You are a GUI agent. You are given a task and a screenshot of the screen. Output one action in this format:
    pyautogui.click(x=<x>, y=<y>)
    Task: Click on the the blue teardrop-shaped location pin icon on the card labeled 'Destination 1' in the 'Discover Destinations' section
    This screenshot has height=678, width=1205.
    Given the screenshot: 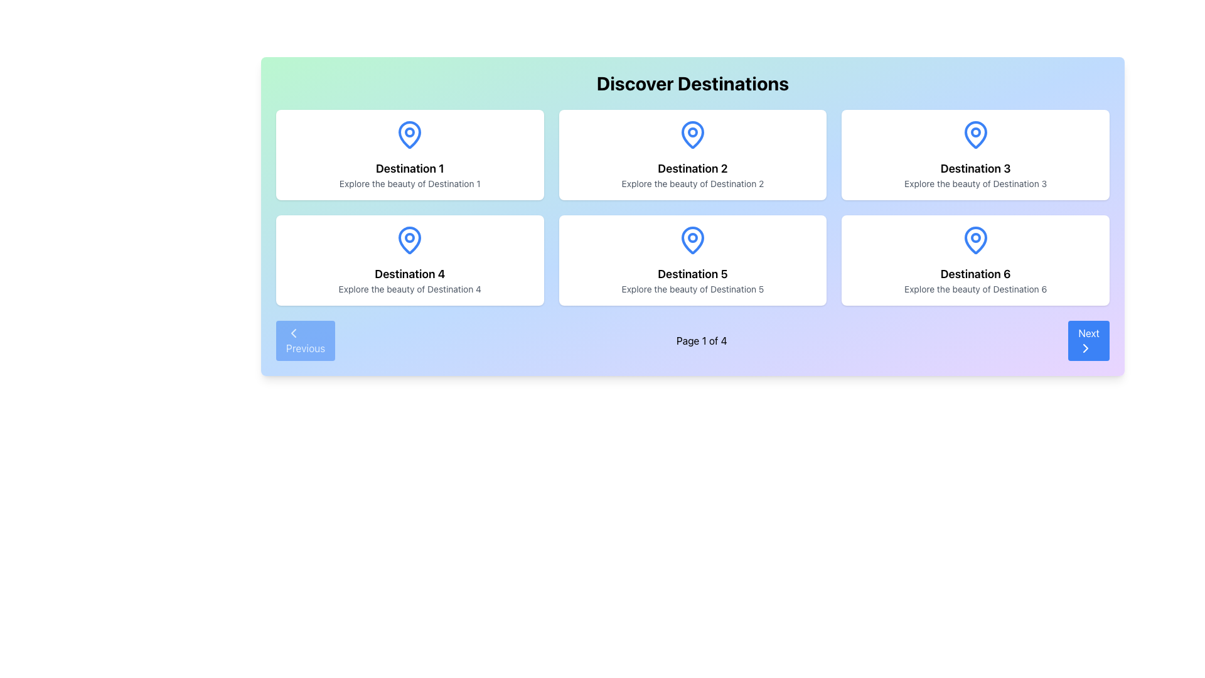 What is the action you would take?
    pyautogui.click(x=410, y=135)
    